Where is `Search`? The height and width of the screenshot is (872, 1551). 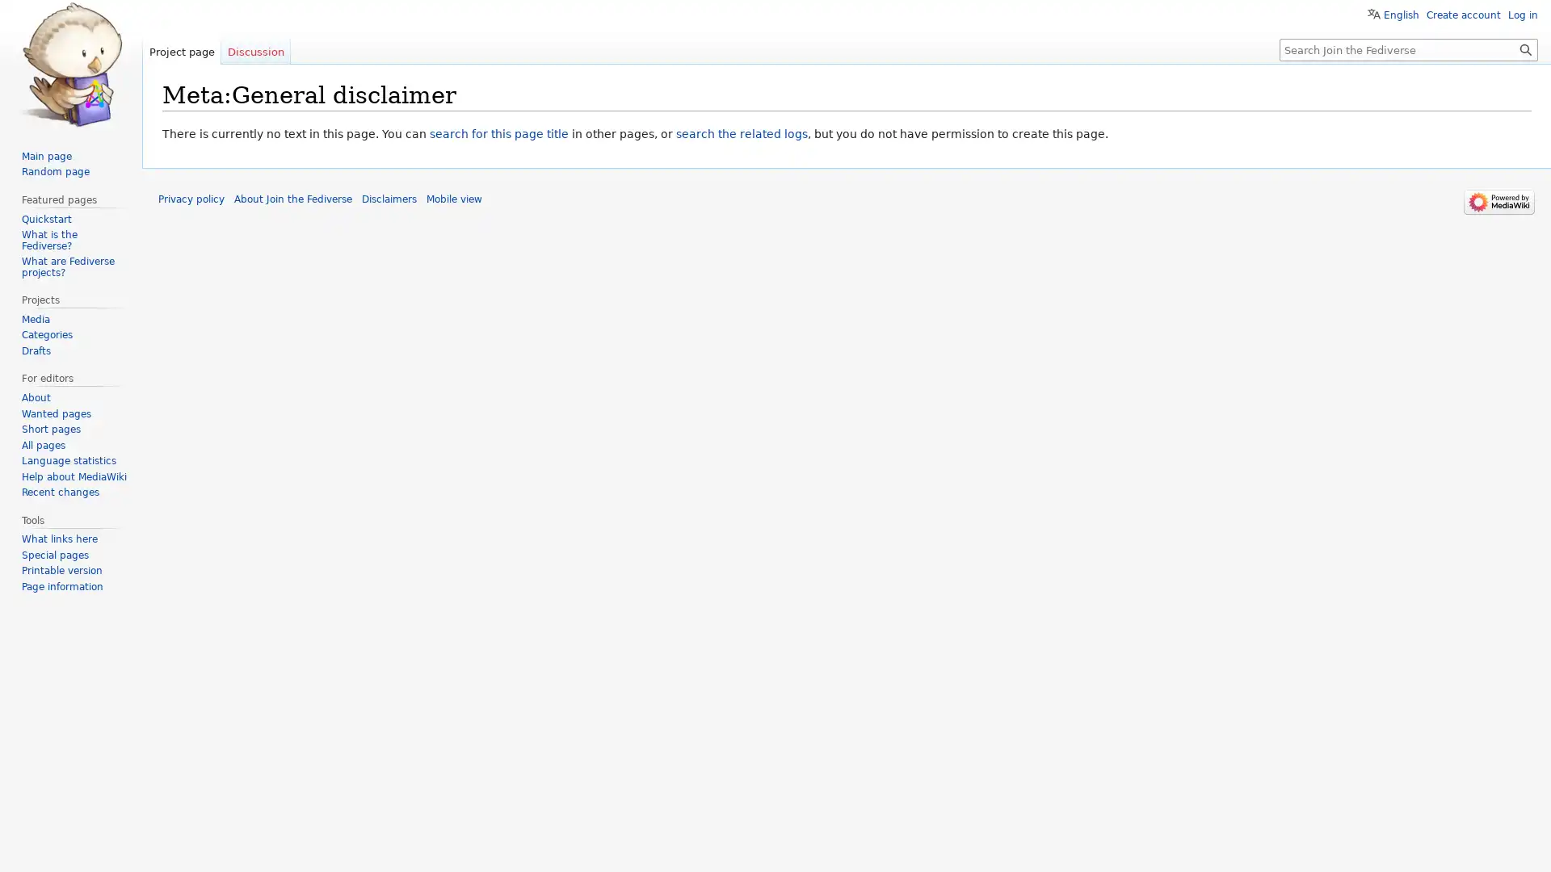 Search is located at coordinates (1525, 48).